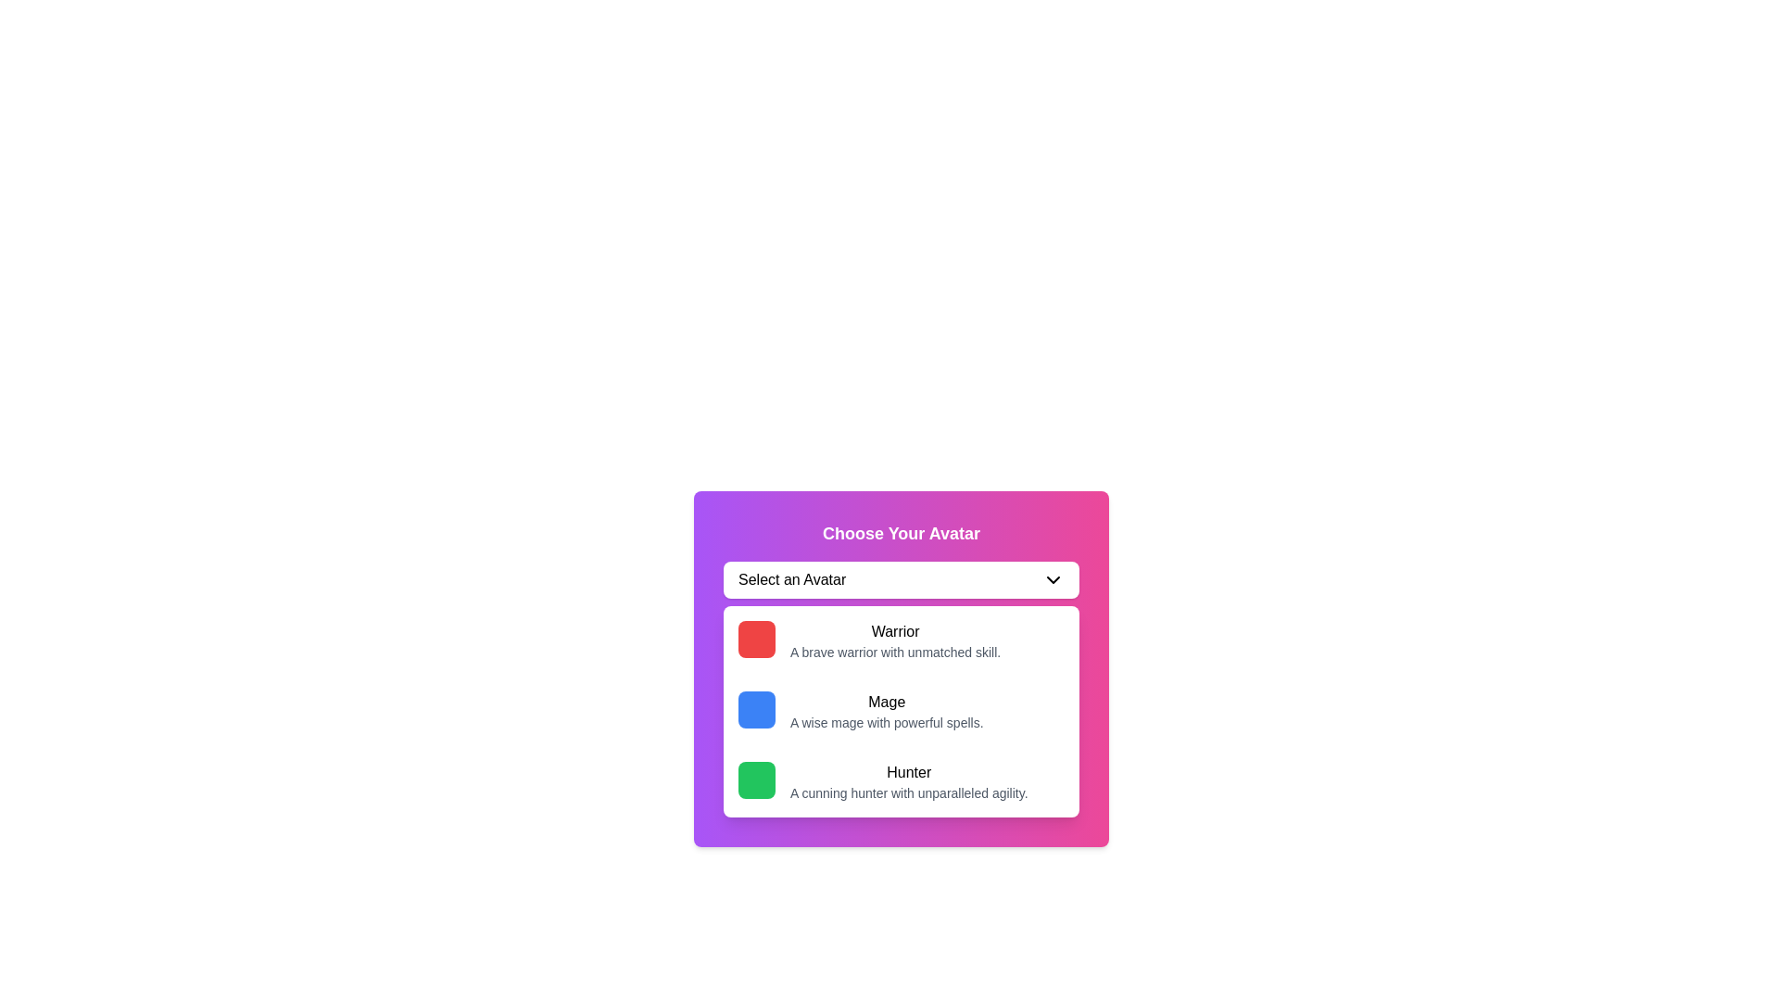  Describe the element at coordinates (902, 640) in the screenshot. I see `the first selectable list item for choosing the 'Warrior' avatar, located below the 'Choose Your Avatar' dropdown` at that location.